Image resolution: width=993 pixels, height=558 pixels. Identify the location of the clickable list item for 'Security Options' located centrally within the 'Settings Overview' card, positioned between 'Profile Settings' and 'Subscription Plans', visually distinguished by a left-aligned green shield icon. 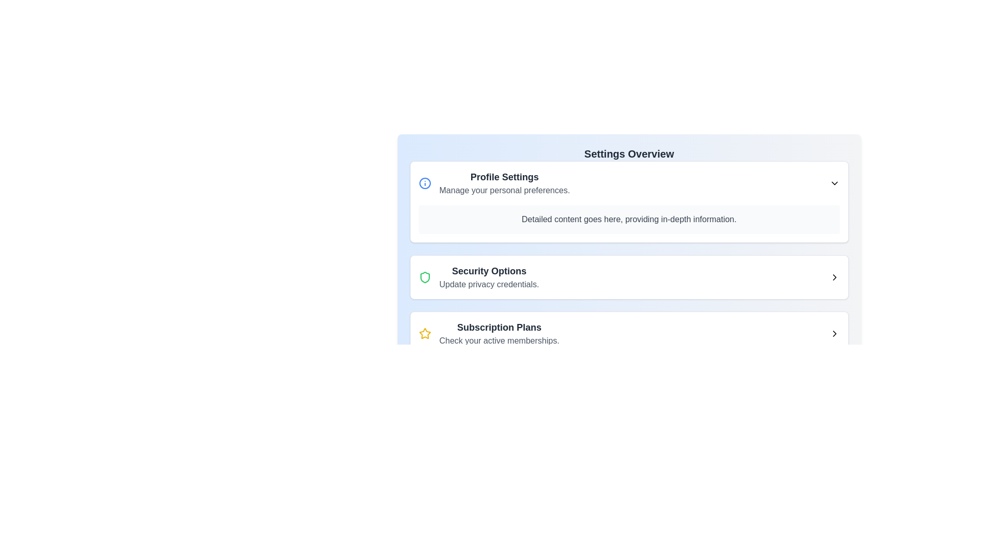
(478, 276).